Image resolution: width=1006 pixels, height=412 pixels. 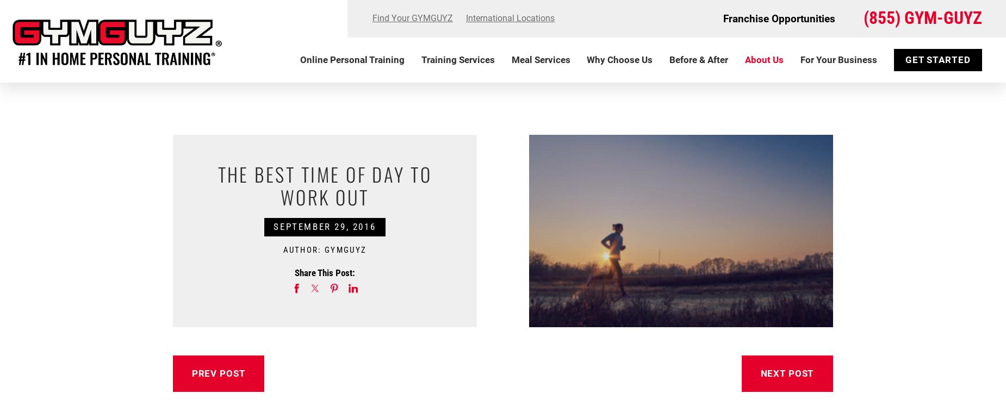 I want to click on 'Next Post', so click(x=760, y=372).